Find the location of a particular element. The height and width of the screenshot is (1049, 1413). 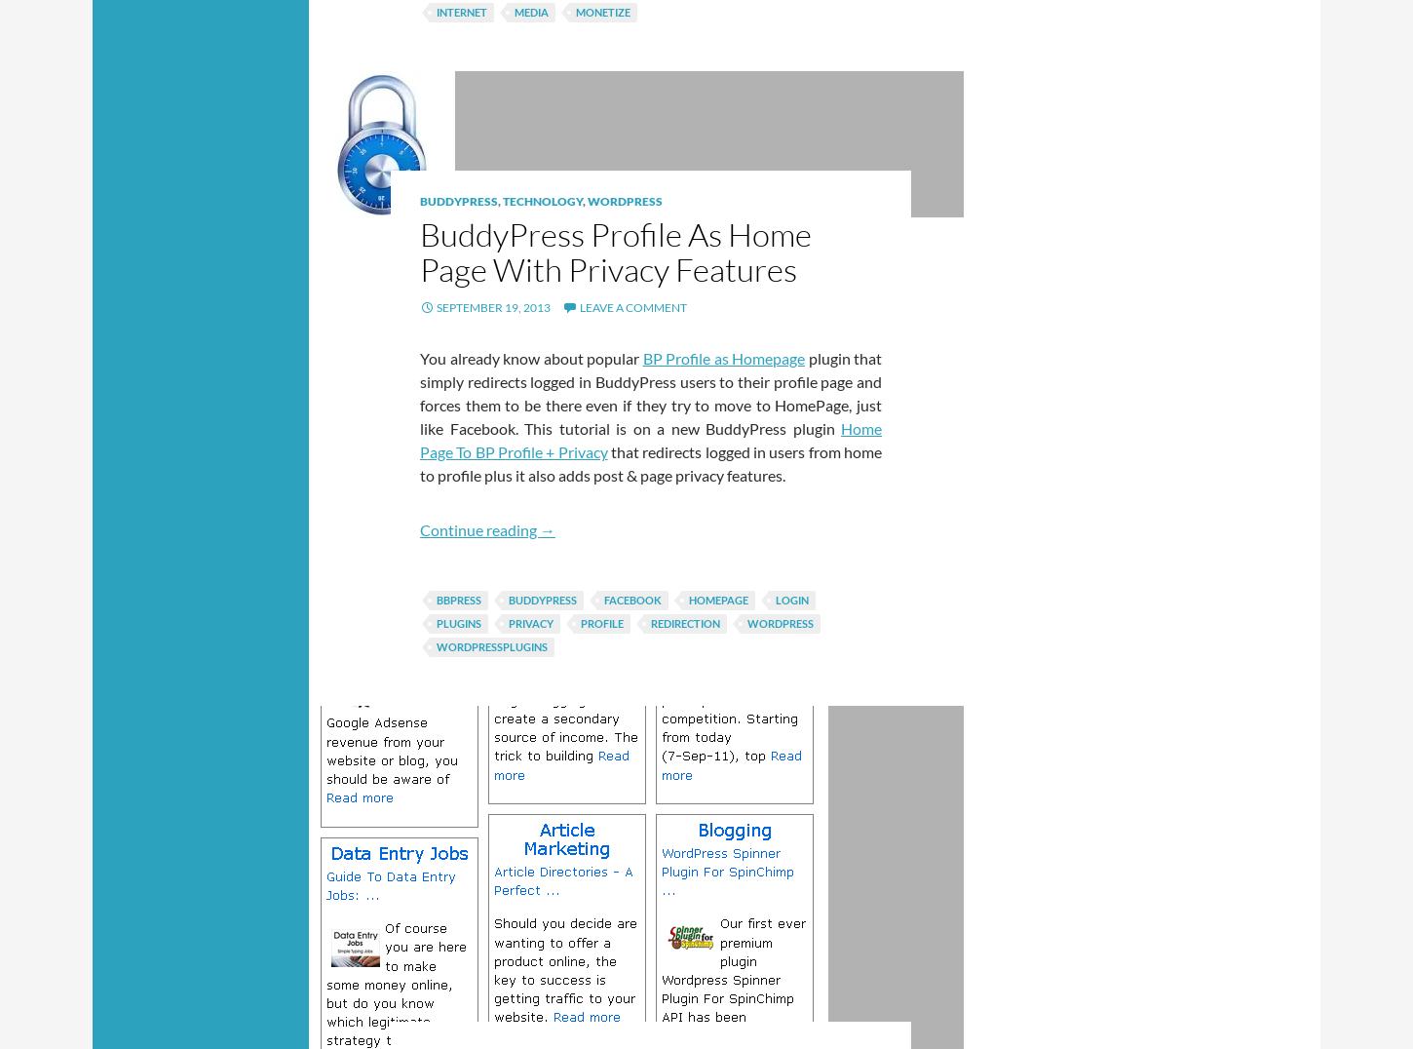

'media' is located at coordinates (531, 11).